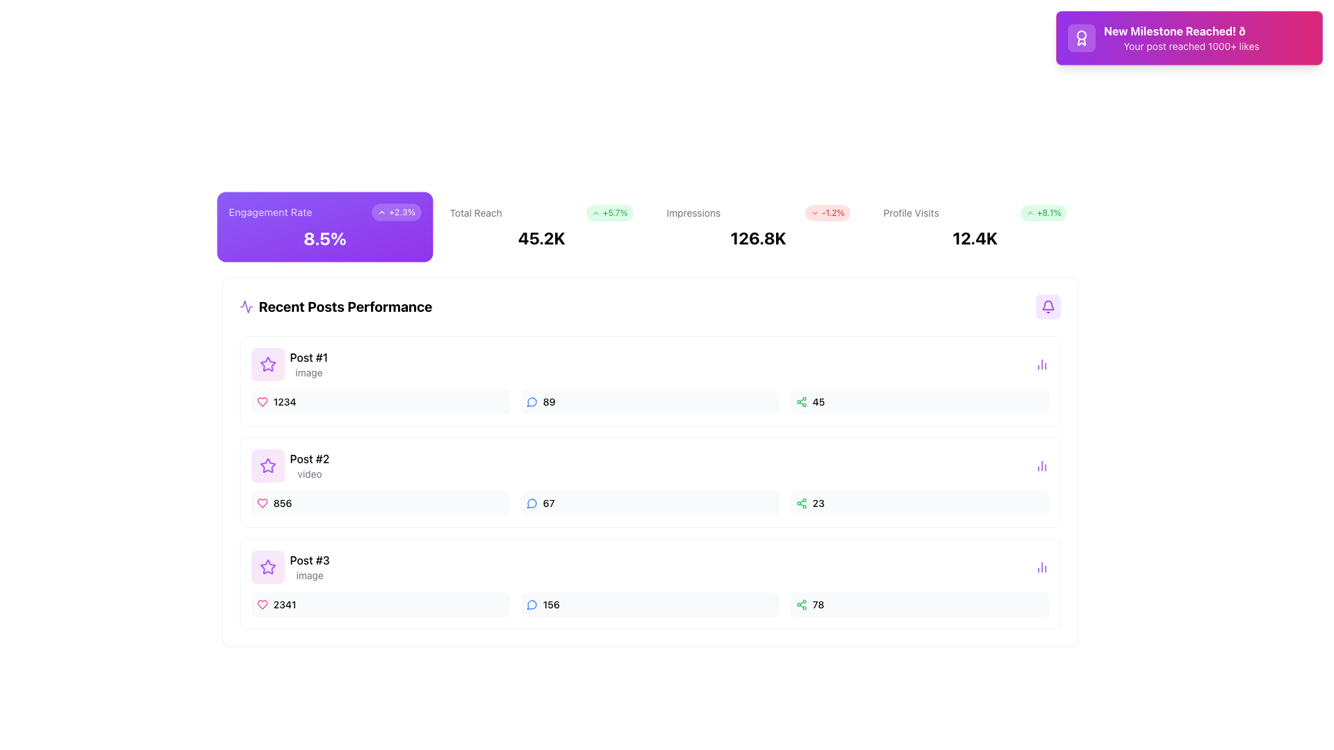 Image resolution: width=1334 pixels, height=750 pixels. What do you see at coordinates (1080, 34) in the screenshot?
I see `central circular detail of the award icon located in the top-right corner of the interface, adjacent to the notification banner that says 'New Milestone Reached!'` at bounding box center [1080, 34].